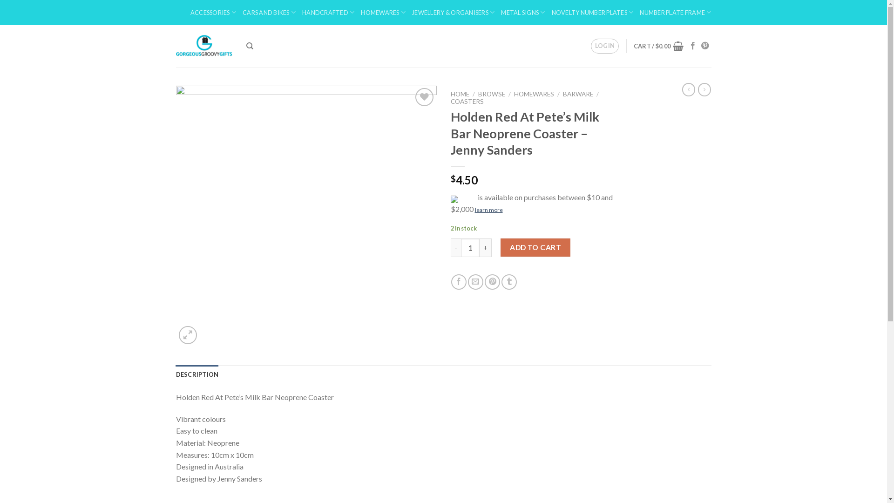 This screenshot has width=894, height=503. Describe the element at coordinates (467, 102) in the screenshot. I see `'COASTERS'` at that location.